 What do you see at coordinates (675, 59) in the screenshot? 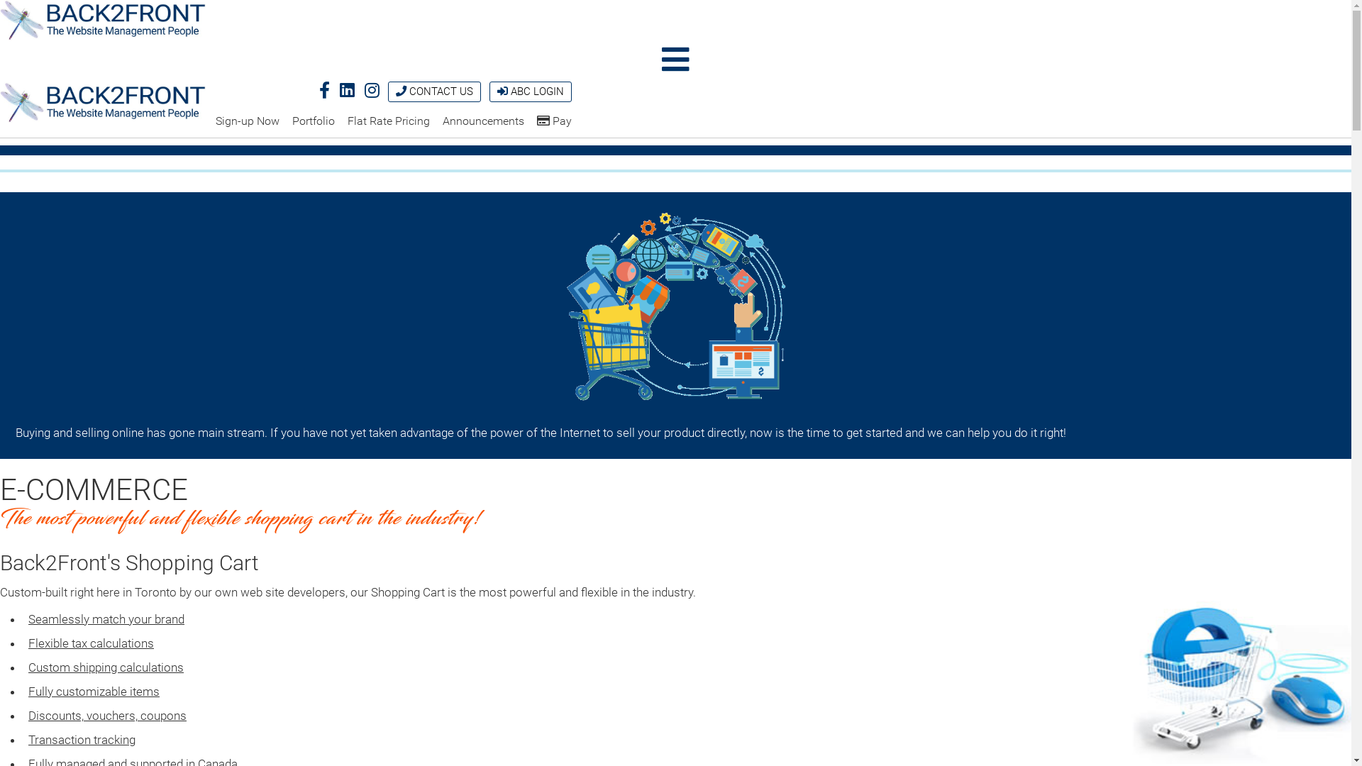
I see `'Back2Front Mobile Menu'` at bounding box center [675, 59].